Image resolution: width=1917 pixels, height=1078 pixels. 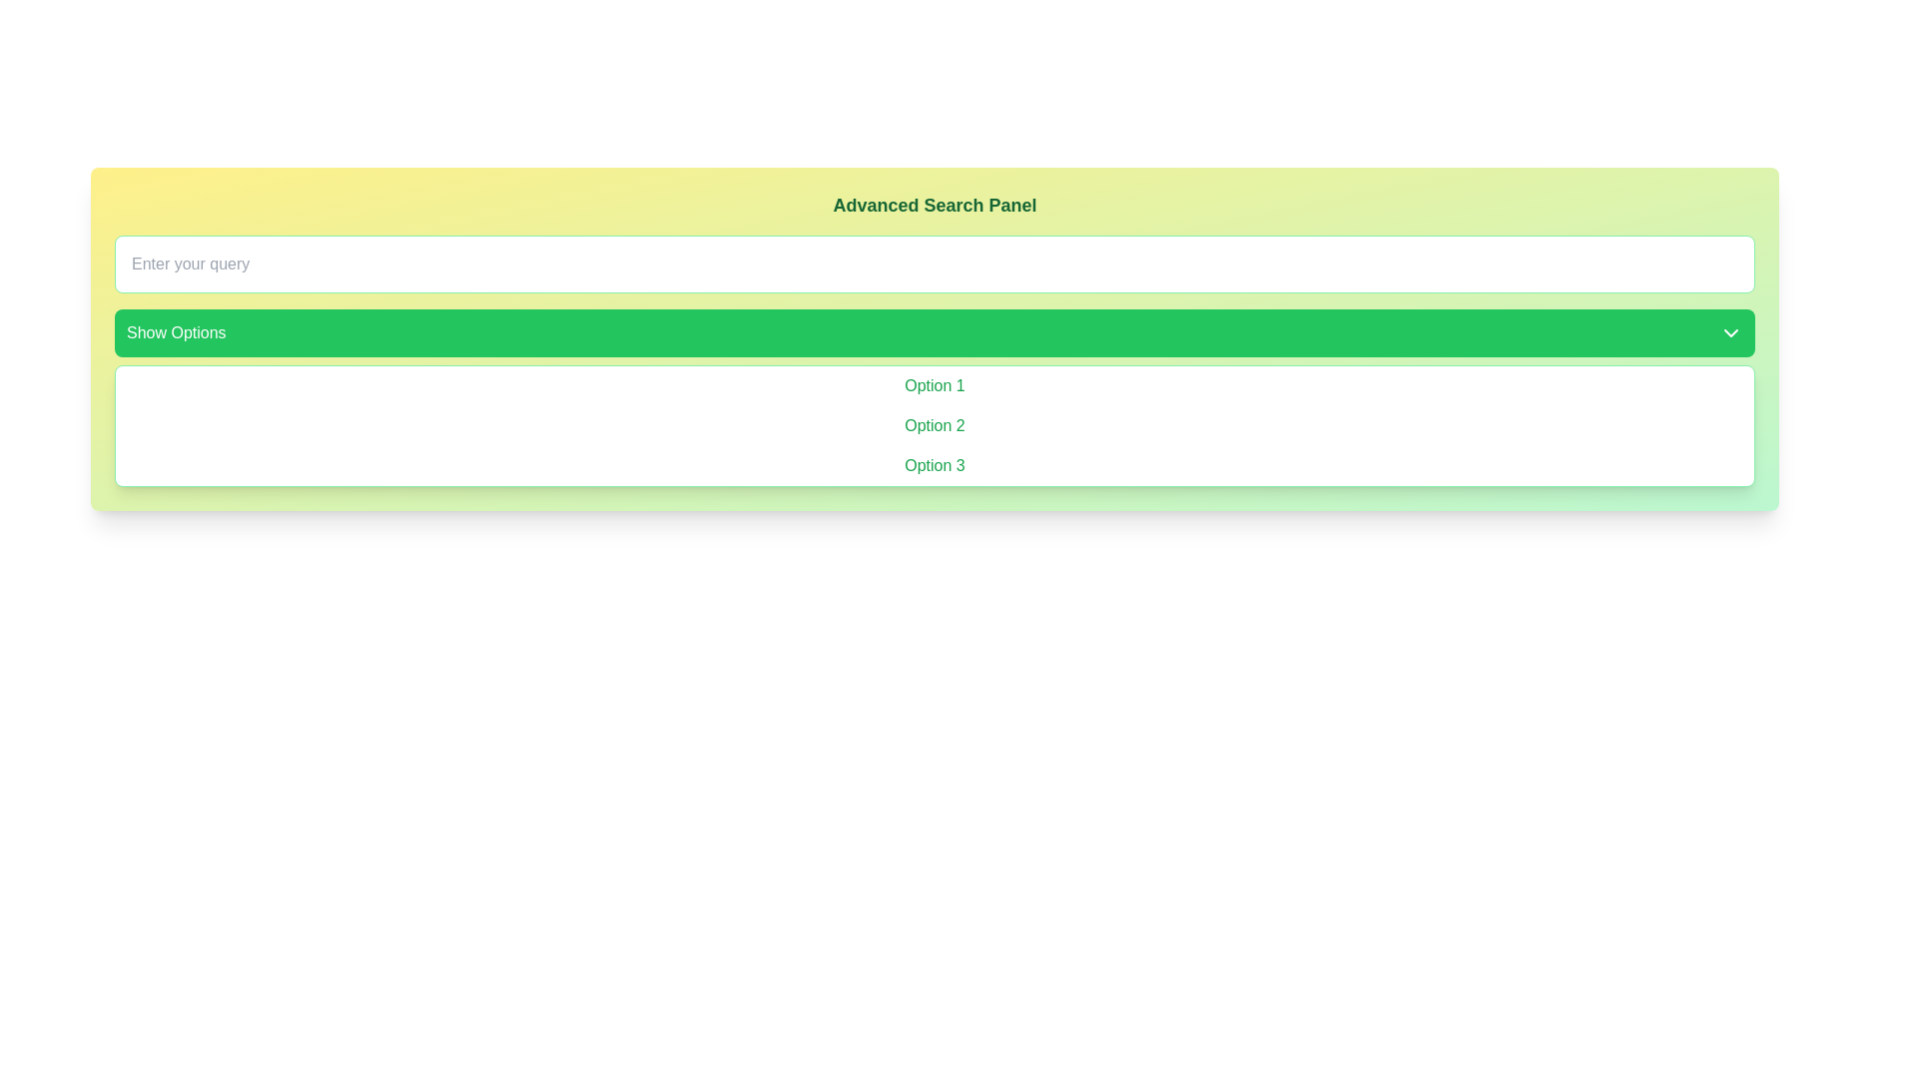 I want to click on the Dropdown Toggle Button labeled 'Show Options' with a bright green background, so click(x=934, y=332).